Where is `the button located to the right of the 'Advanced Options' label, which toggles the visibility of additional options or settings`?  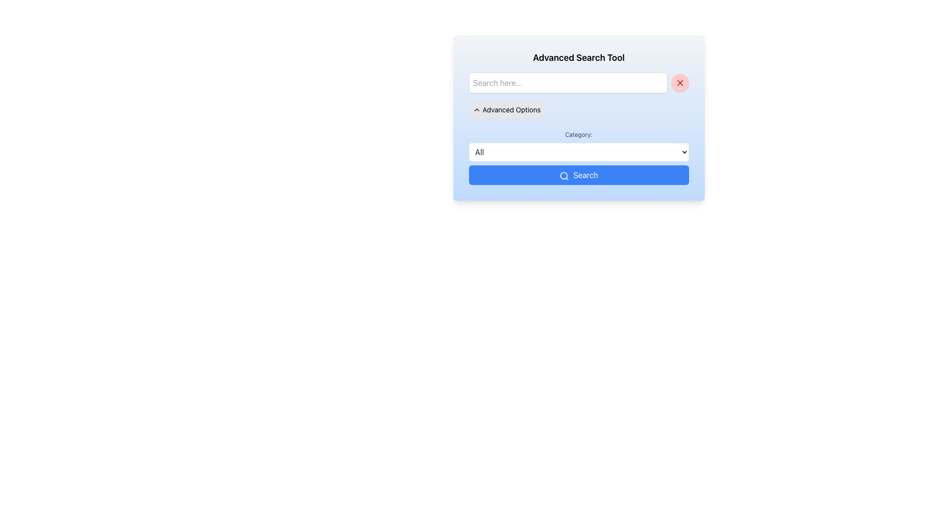
the button located to the right of the 'Advanced Options' label, which toggles the visibility of additional options or settings is located at coordinates (476, 109).